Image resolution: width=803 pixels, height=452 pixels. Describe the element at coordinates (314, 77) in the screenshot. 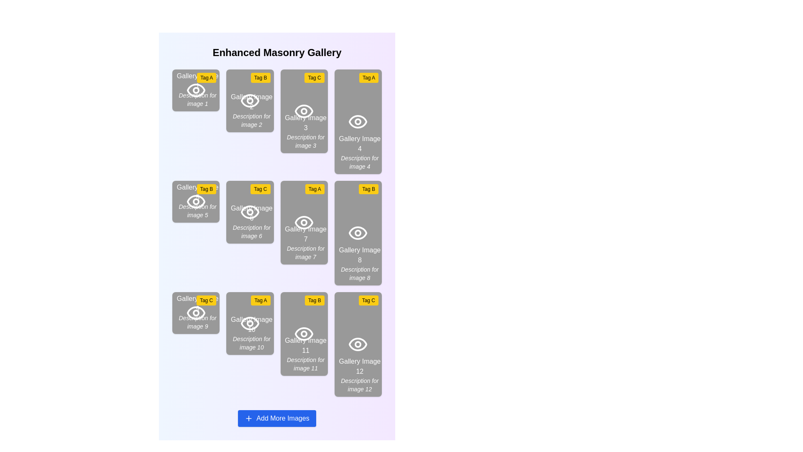

I see `the Tag element located in the top-right corner of the card displaying 'Gallery Image 3' and 'Description for image 3'` at that location.